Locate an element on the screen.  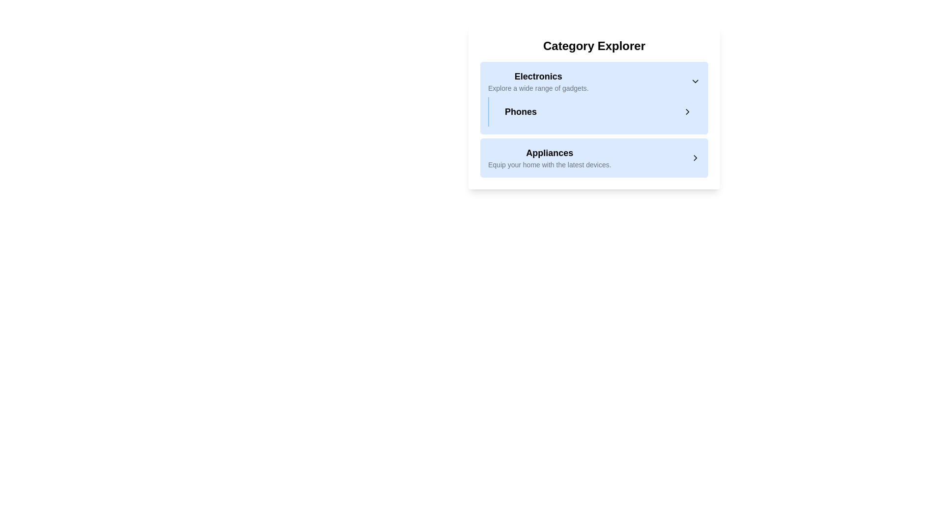
the rightward-pointing chevron icon located at the far right of the 'Appliances' section in the 'Category Explorer' interface to potentially trigger highlighting or tooltip display is located at coordinates (695, 157).